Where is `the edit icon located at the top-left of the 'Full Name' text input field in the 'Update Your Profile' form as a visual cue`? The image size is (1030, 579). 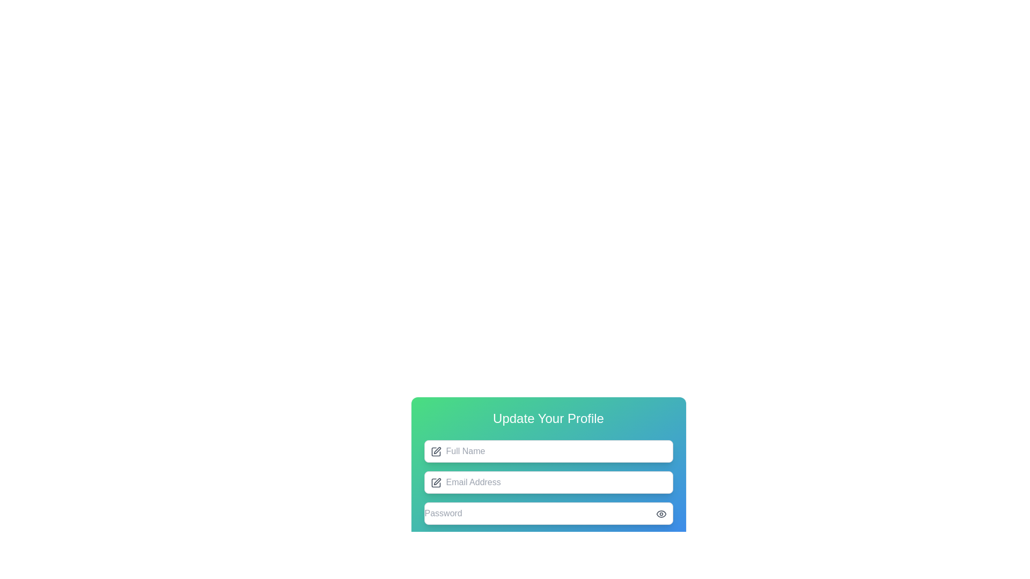
the edit icon located at the top-left of the 'Full Name' text input field in the 'Update Your Profile' form as a visual cue is located at coordinates (436, 452).